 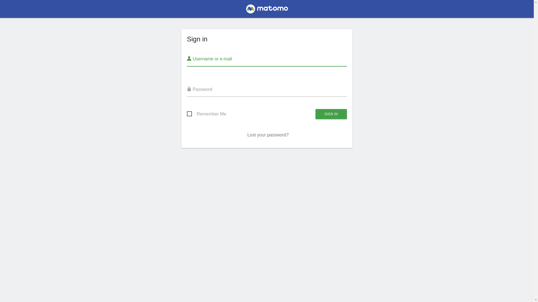 What do you see at coordinates (266, 10) in the screenshot?
I see `'Matomo # free/libre analytics platform'` at bounding box center [266, 10].